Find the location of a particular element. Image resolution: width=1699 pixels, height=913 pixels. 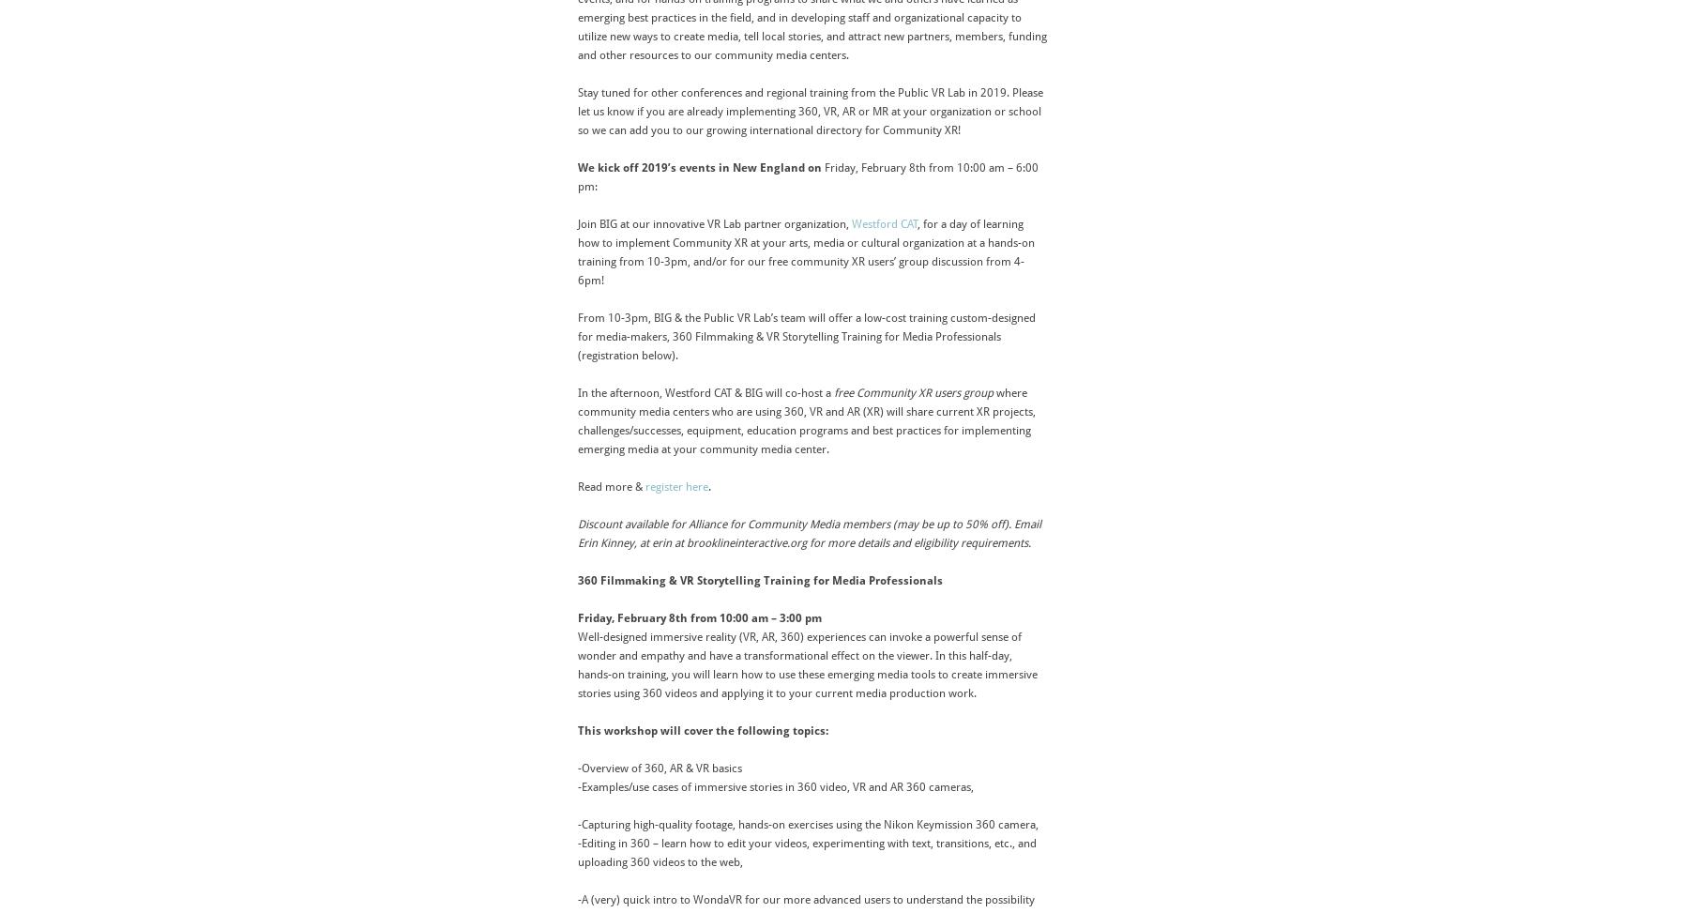

'free Community XR users group' is located at coordinates (832, 392).